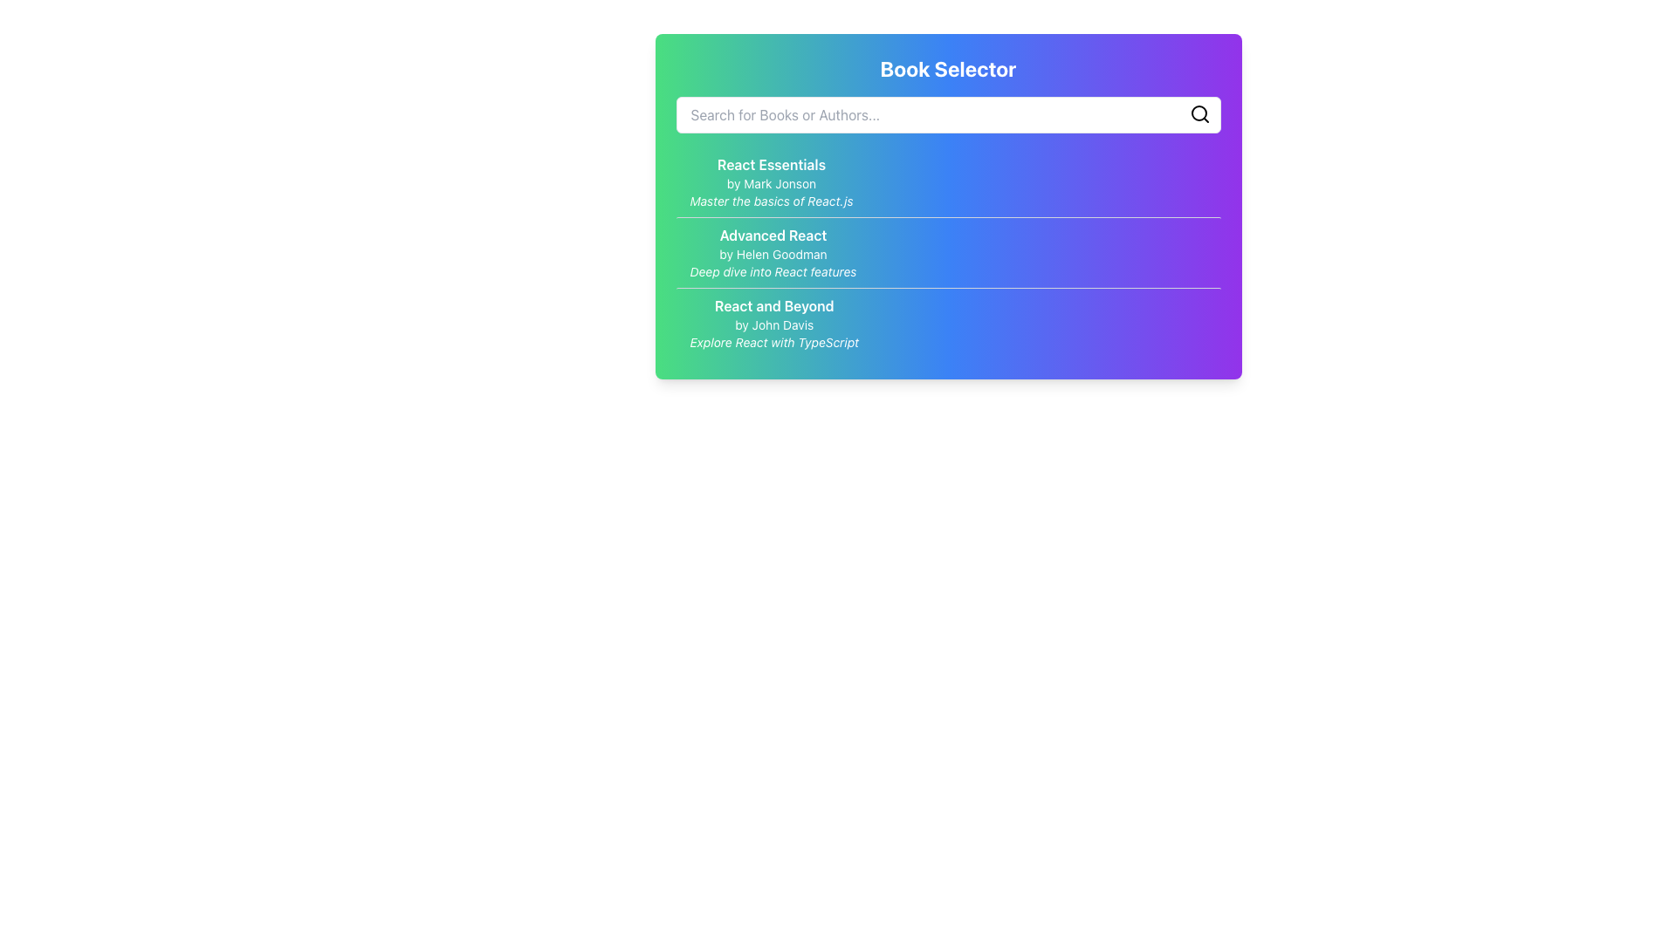  Describe the element at coordinates (947, 252) in the screenshot. I see `one of the courses in the centrally positioned list of courses displayed in a gradient-colored card area, which includes a bold title, author's name, and italicized description` at that location.